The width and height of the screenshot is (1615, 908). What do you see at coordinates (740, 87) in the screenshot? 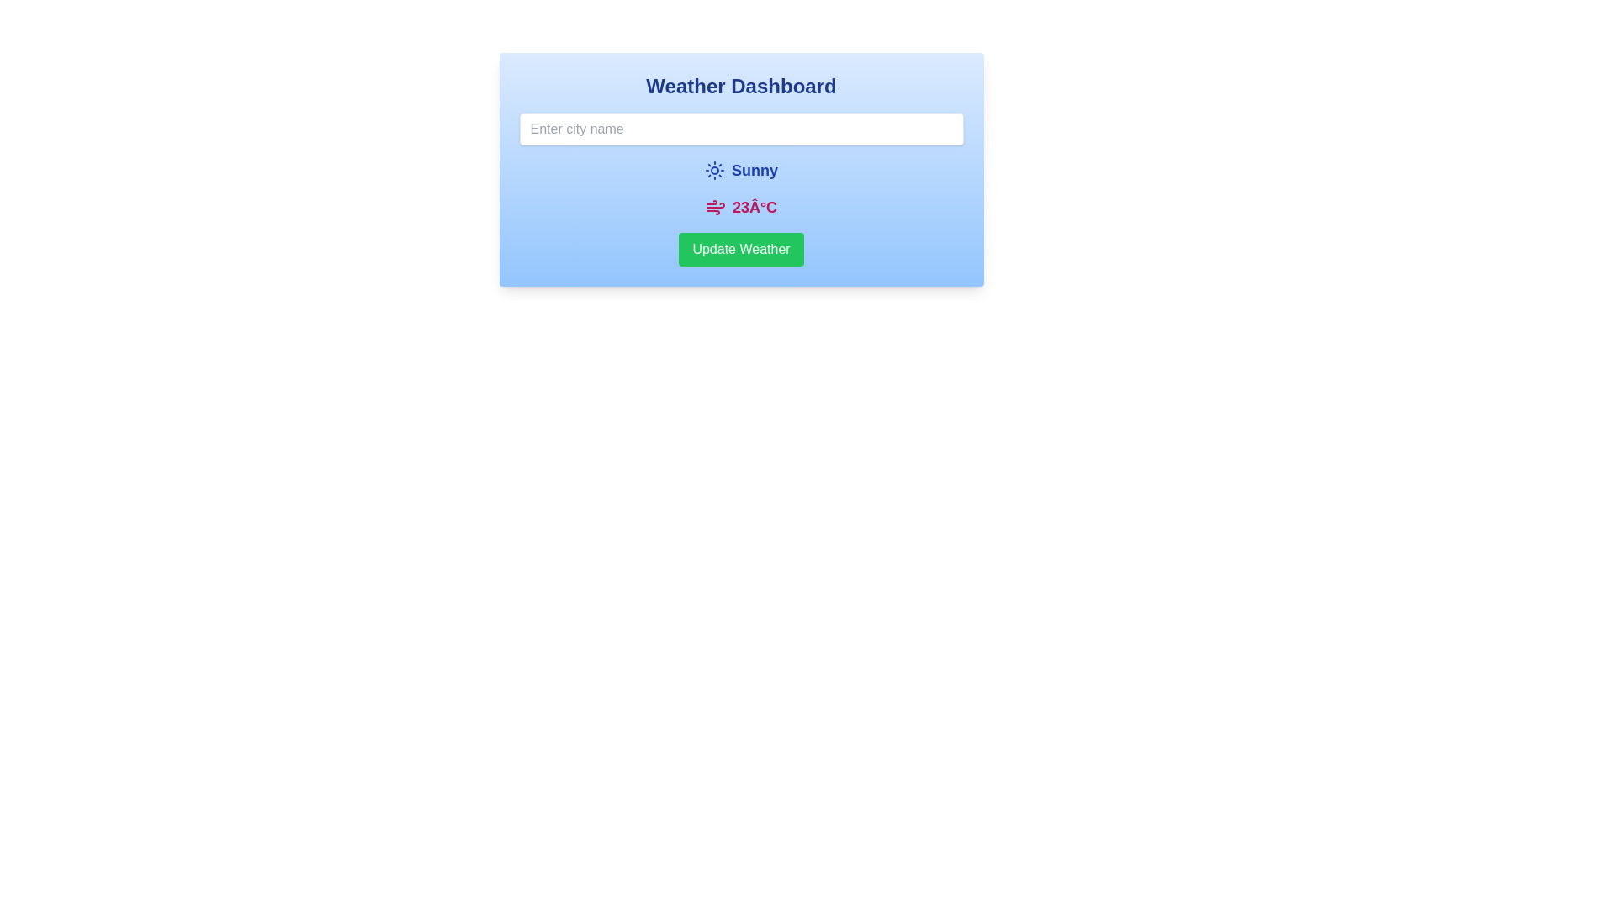
I see `the bold header text reading 'Weather Dashboard', which is styled in dark blue and centered at the top of the weather-themed card` at bounding box center [740, 87].